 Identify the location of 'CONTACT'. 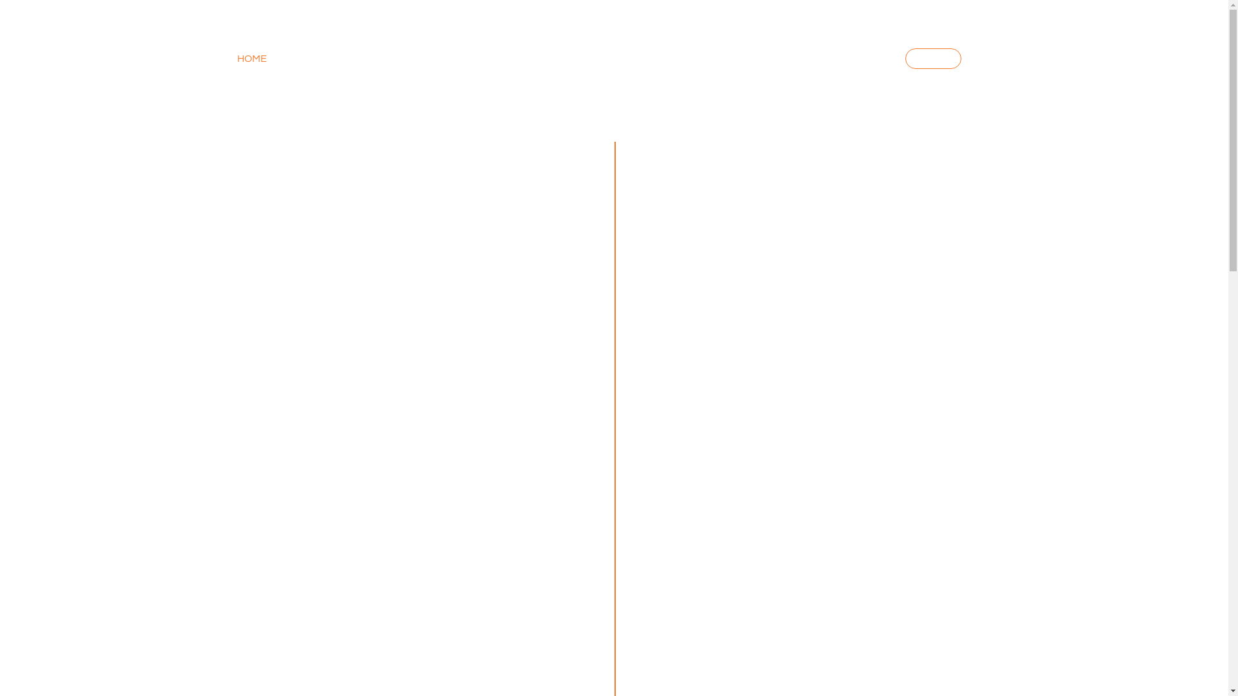
(855, 59).